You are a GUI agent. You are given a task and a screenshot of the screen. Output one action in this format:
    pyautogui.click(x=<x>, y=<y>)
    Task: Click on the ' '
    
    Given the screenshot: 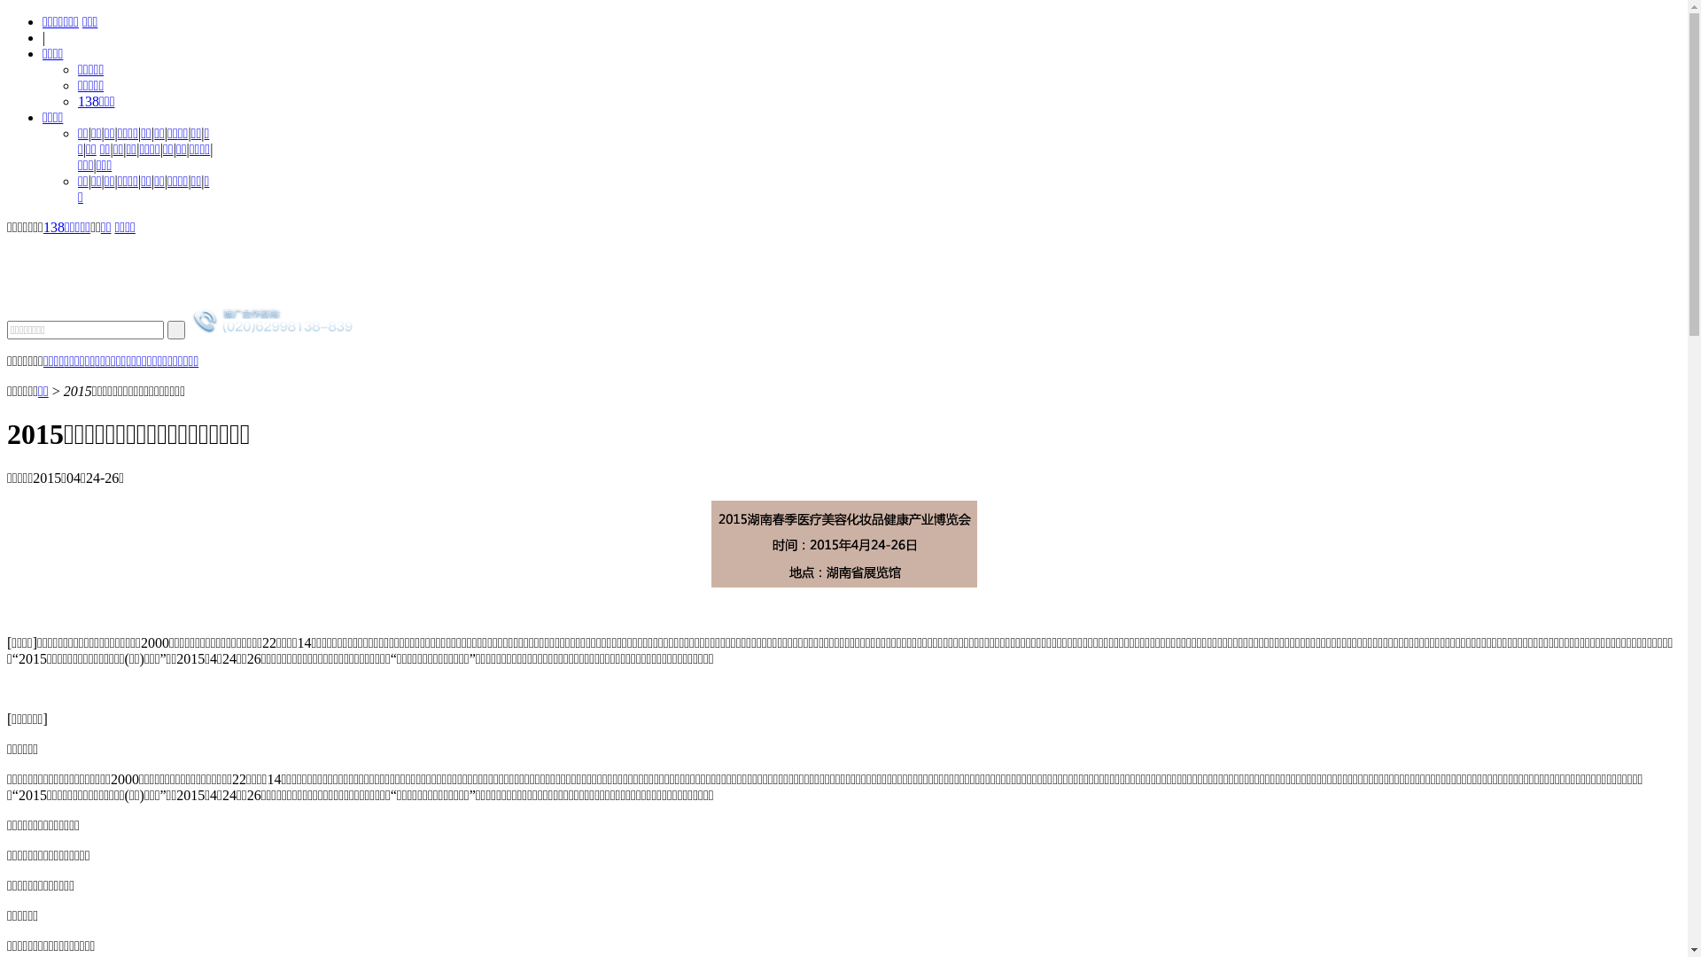 What is the action you would take?
    pyautogui.click(x=167, y=330)
    